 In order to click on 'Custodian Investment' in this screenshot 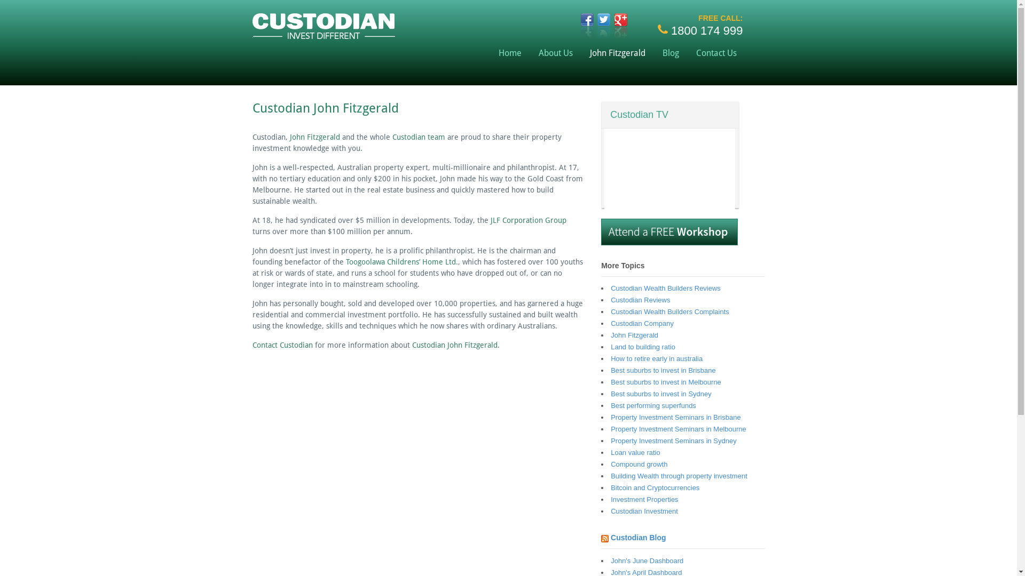, I will do `click(610, 510)`.